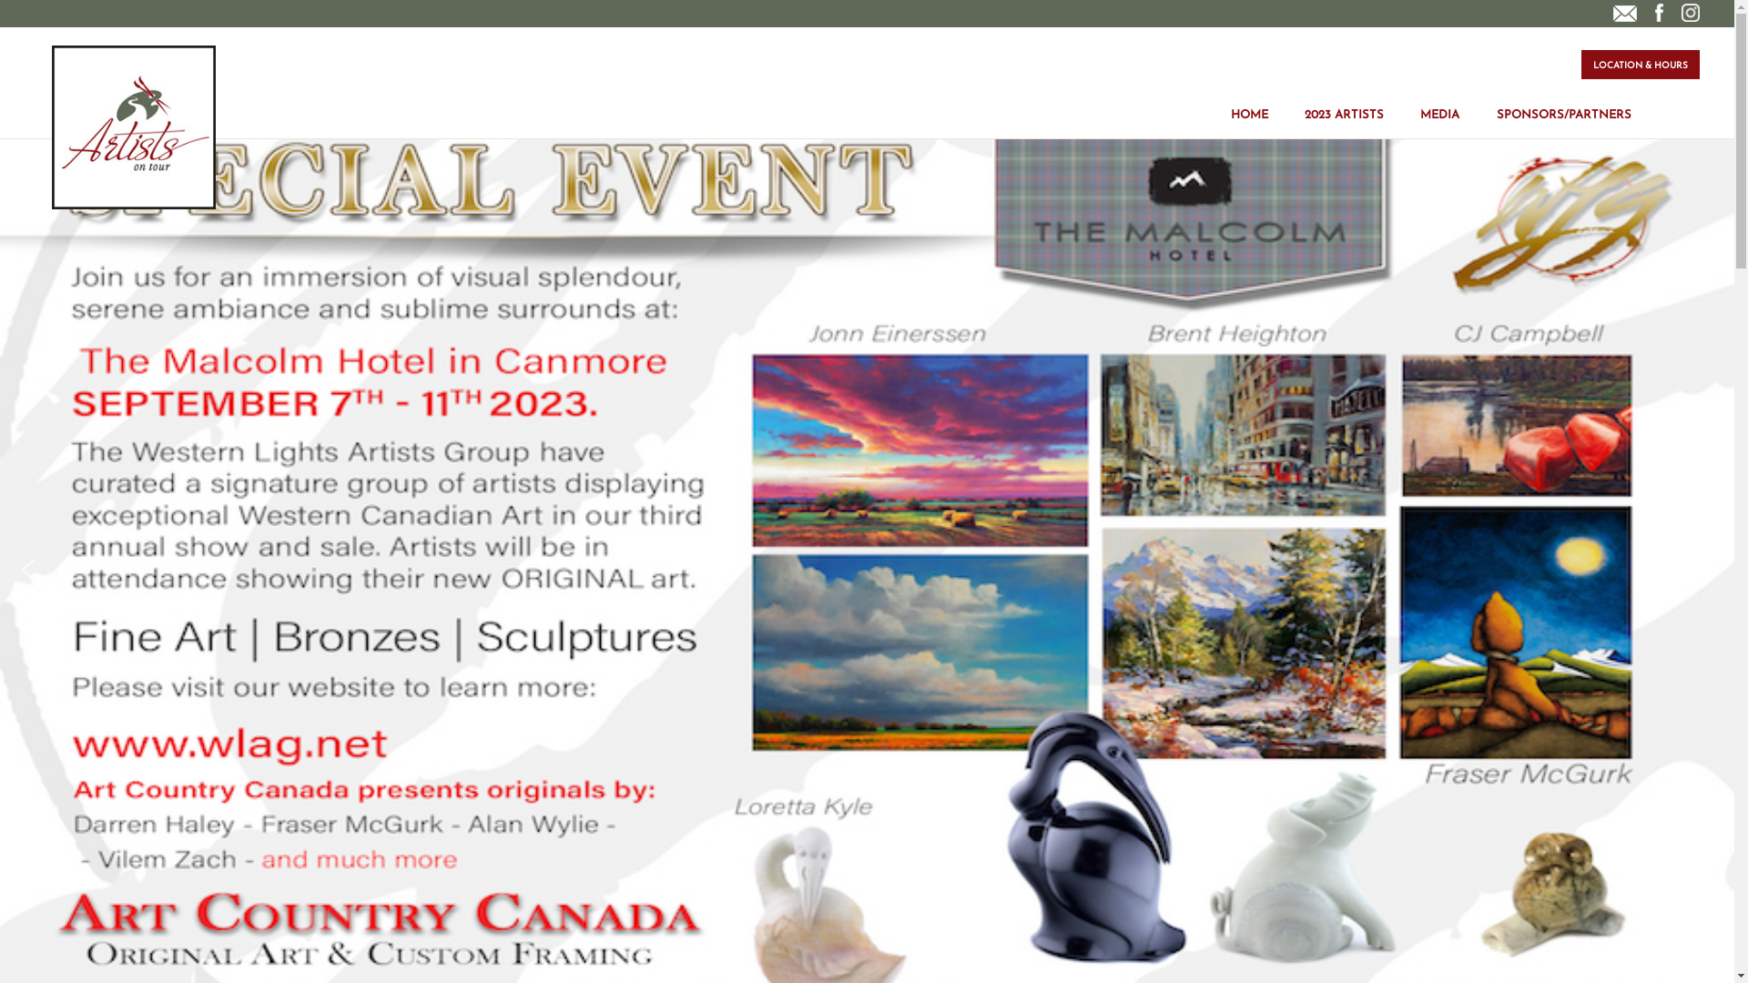 The height and width of the screenshot is (983, 1748). I want to click on 'MEDIA', so click(1438, 101).